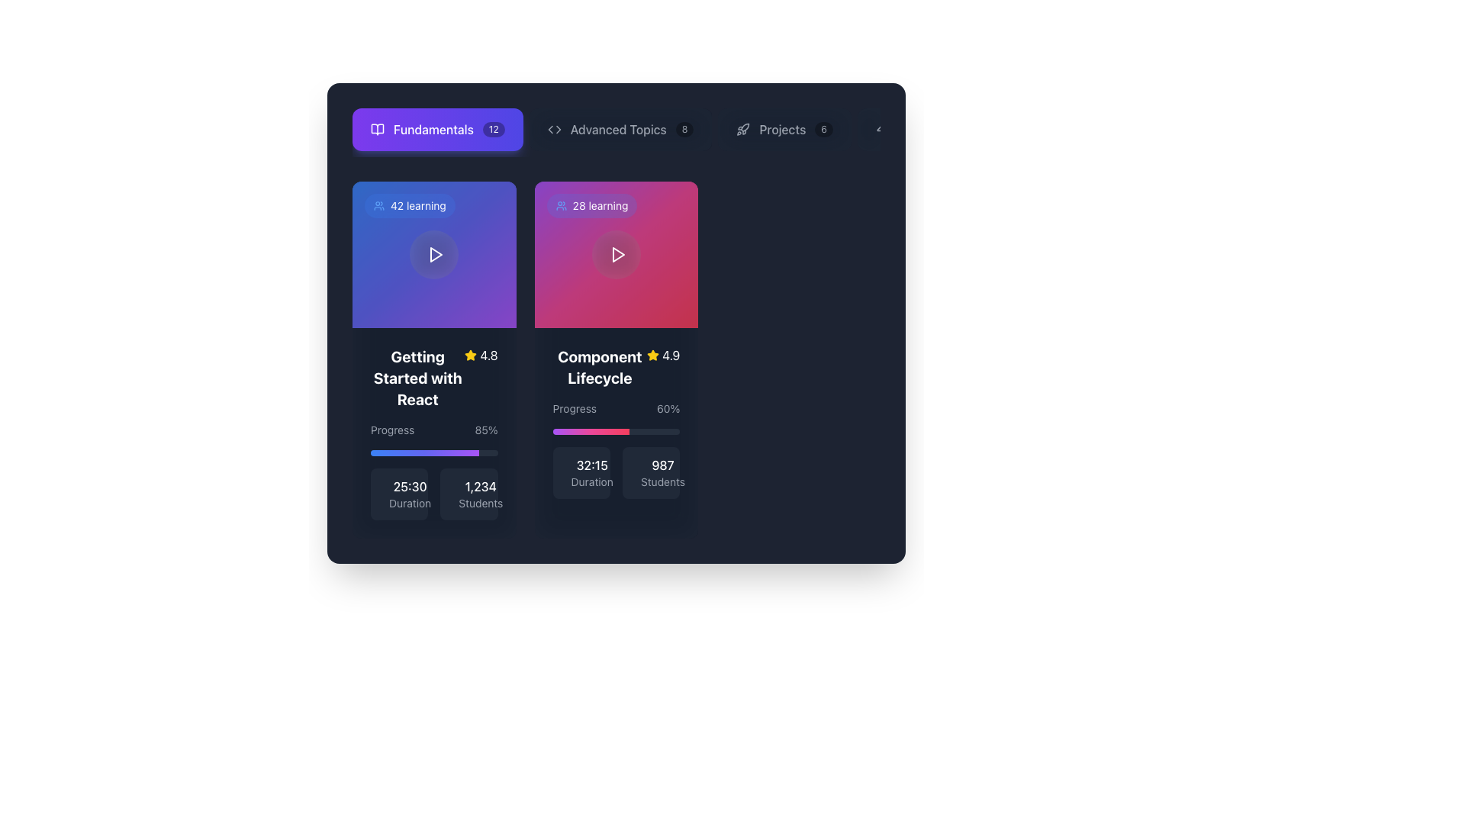 Image resolution: width=1465 pixels, height=824 pixels. What do you see at coordinates (662, 472) in the screenshot?
I see `the displayed number of students associated with the 'Component Lifecycle' module, which is shown in the text label located at the bottom right corner of the 'Component Lifecycle' card, next to the '32:15 Duration' text` at bounding box center [662, 472].